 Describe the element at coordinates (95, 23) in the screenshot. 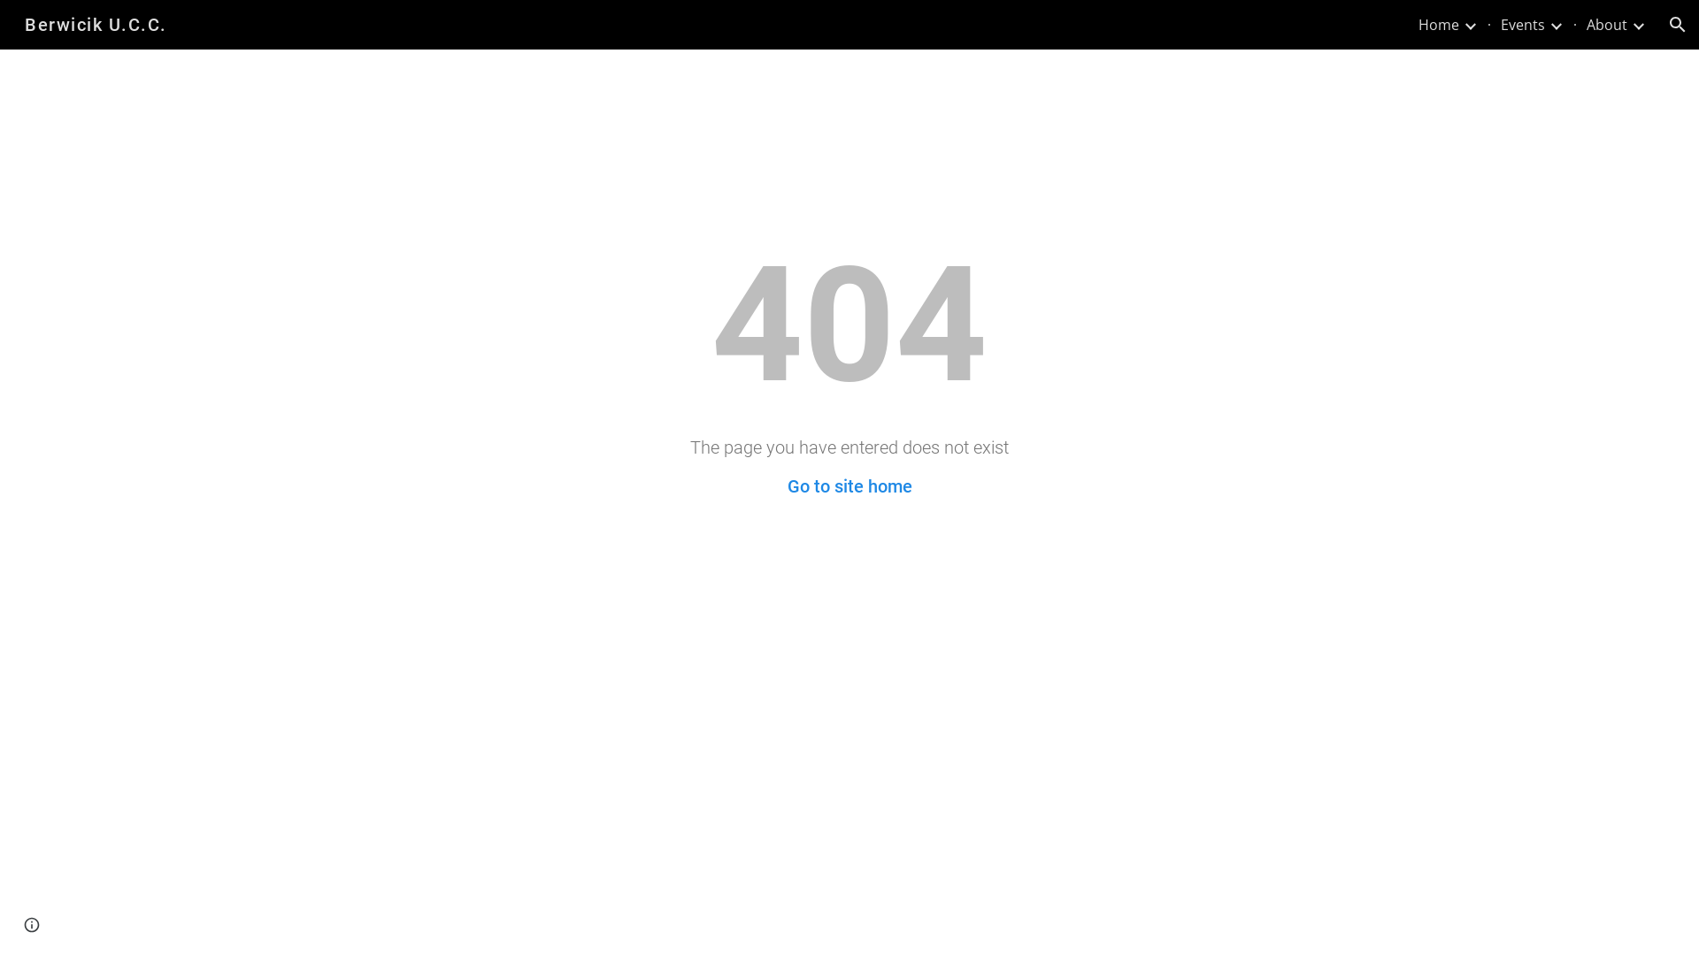

I see `'Berwicik U.C.C.'` at that location.